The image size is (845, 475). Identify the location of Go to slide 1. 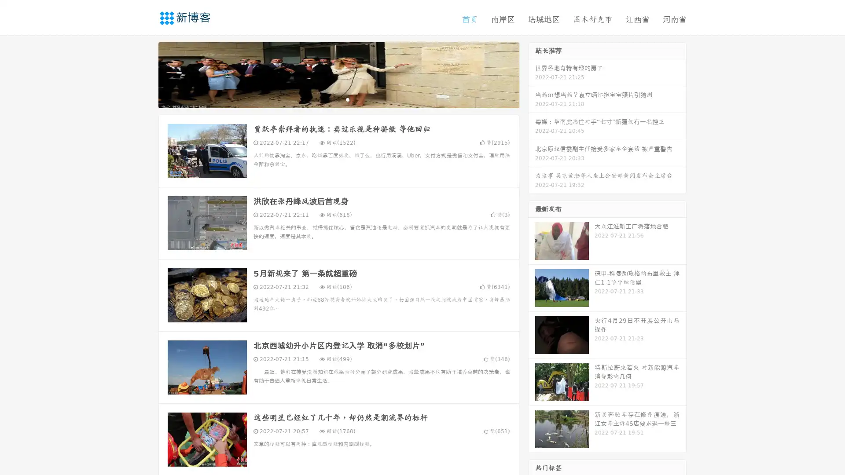
(329, 99).